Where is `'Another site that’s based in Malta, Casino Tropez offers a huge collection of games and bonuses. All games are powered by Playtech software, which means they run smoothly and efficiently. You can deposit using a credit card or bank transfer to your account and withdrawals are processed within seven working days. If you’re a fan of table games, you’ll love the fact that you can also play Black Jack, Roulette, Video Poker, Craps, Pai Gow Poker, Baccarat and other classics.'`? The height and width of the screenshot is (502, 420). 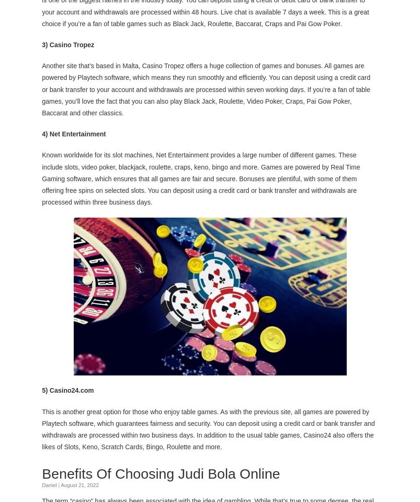
'Another site that’s based in Malta, Casino Tropez offers a huge collection of games and bonuses. All games are powered by Playtech software, which means they run smoothly and efficiently. You can deposit using a credit card or bank transfer to your account and withdrawals are processed within seven working days. If you’re a fan of table games, you’ll love the fact that you can also play Black Jack, Roulette, Video Poker, Craps, Pai Gow Poker, Baccarat and other classics.' is located at coordinates (206, 88).